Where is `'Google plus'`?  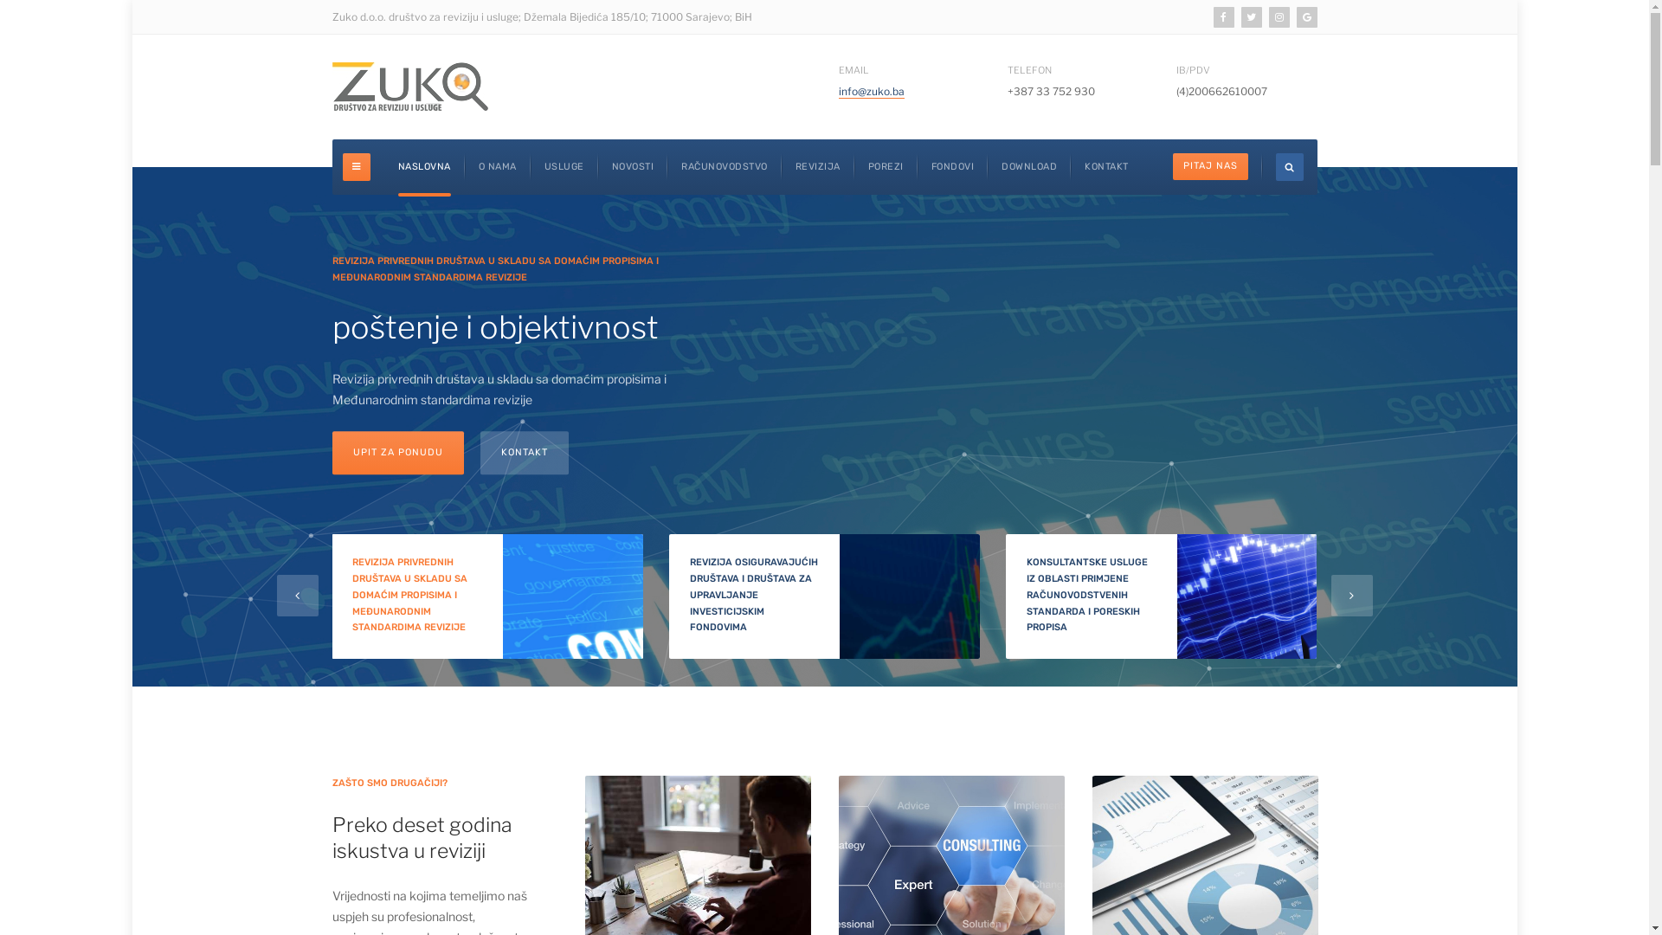 'Google plus' is located at coordinates (1307, 16).